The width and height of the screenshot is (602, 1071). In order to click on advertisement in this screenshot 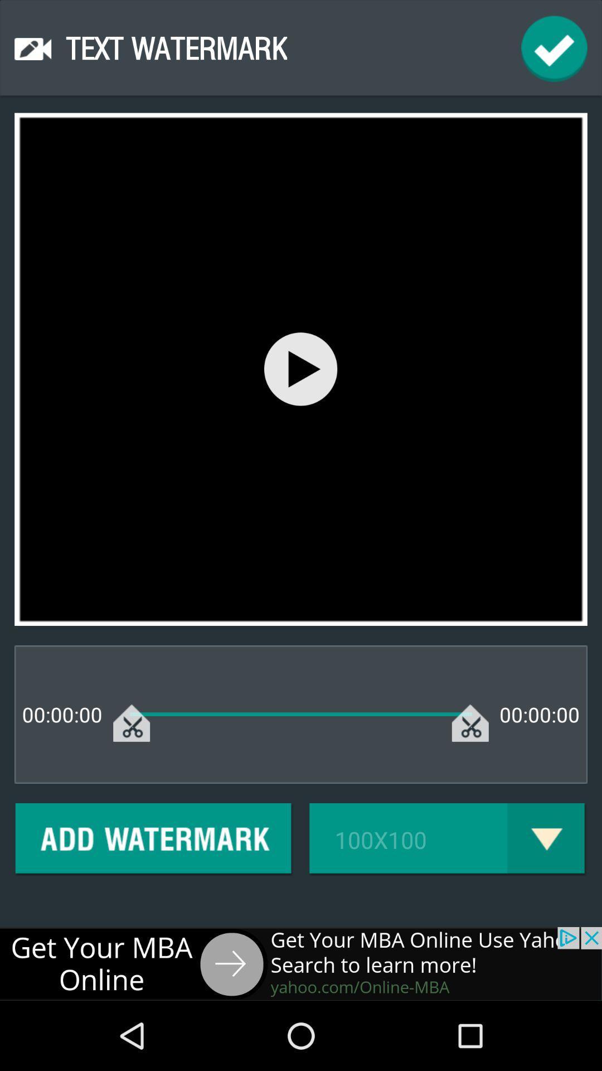, I will do `click(301, 963)`.